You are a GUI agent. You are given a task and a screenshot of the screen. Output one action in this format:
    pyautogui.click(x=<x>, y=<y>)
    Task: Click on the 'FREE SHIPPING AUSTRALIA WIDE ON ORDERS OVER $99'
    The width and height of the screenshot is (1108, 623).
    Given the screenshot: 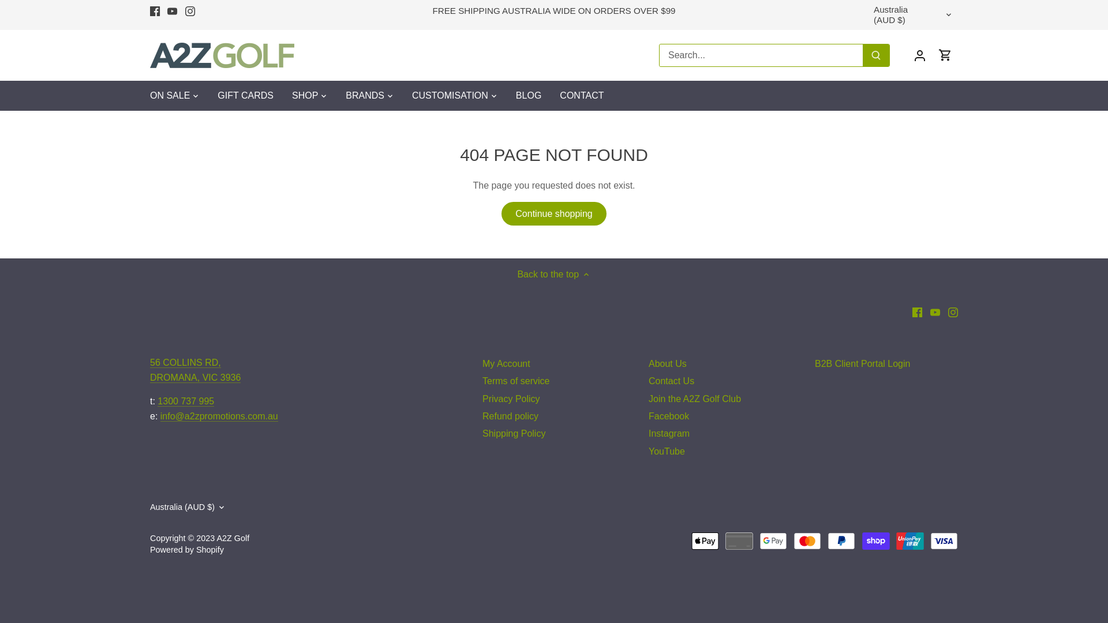 What is the action you would take?
    pyautogui.click(x=553, y=10)
    